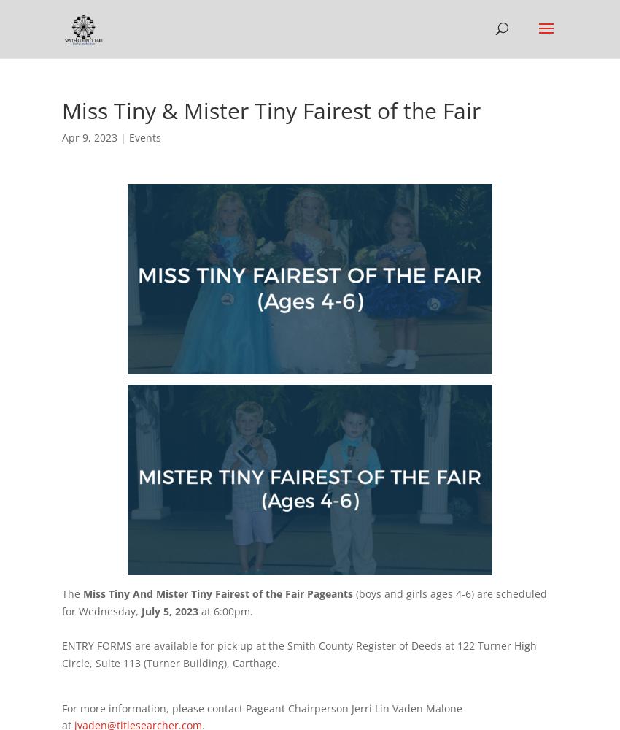 This screenshot has width=620, height=730. What do you see at coordinates (270, 110) in the screenshot?
I see `'Miss Tiny & Mister Tiny Fairest of the Fair'` at bounding box center [270, 110].